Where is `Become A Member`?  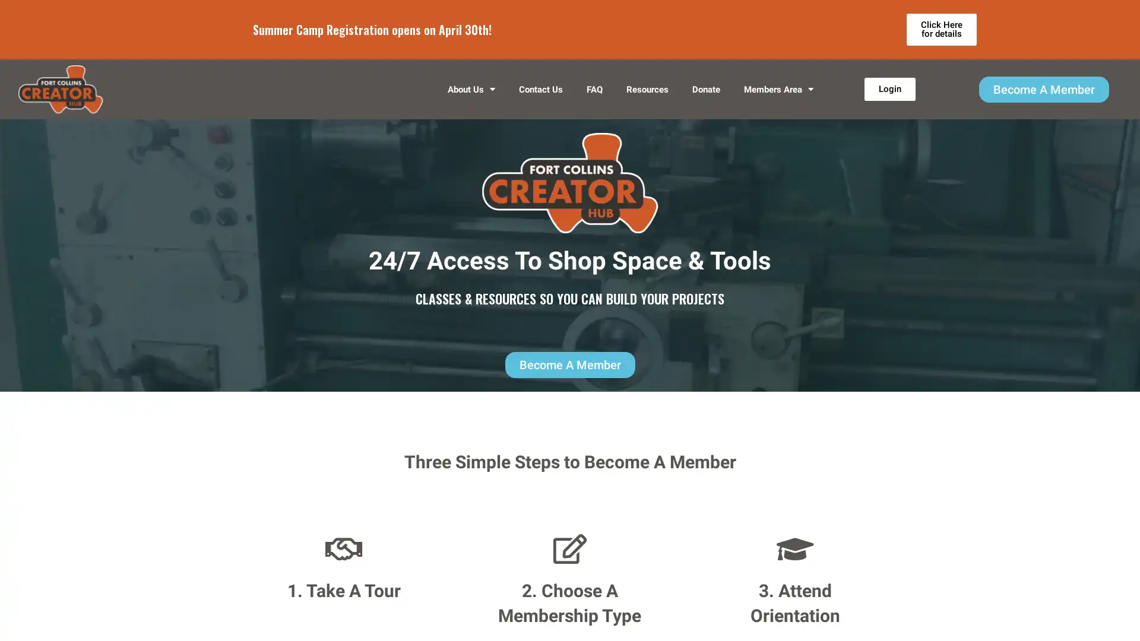 Become A Member is located at coordinates (569, 364).